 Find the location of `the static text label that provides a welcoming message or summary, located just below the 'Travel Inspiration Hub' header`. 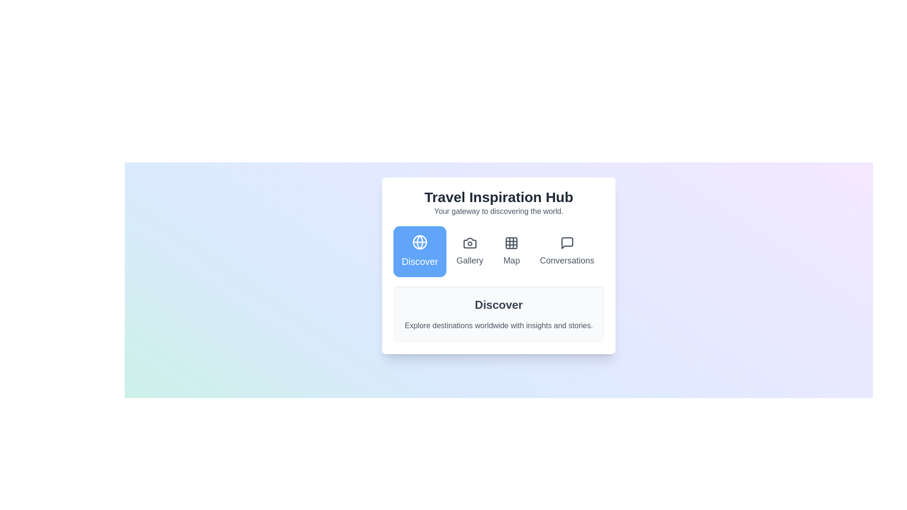

the static text label that provides a welcoming message or summary, located just below the 'Travel Inspiration Hub' header is located at coordinates (498, 211).